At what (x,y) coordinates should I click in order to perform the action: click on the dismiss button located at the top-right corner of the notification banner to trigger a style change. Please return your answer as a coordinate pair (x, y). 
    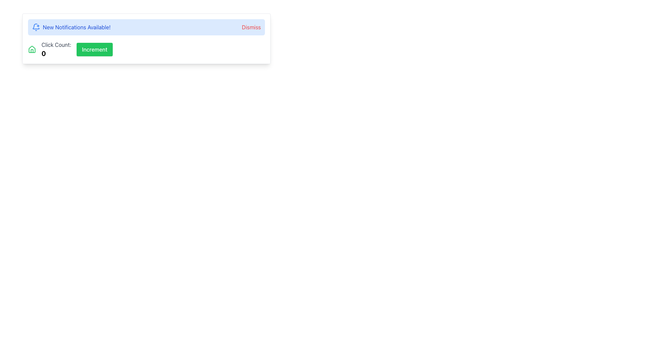
    Looking at the image, I should click on (251, 27).